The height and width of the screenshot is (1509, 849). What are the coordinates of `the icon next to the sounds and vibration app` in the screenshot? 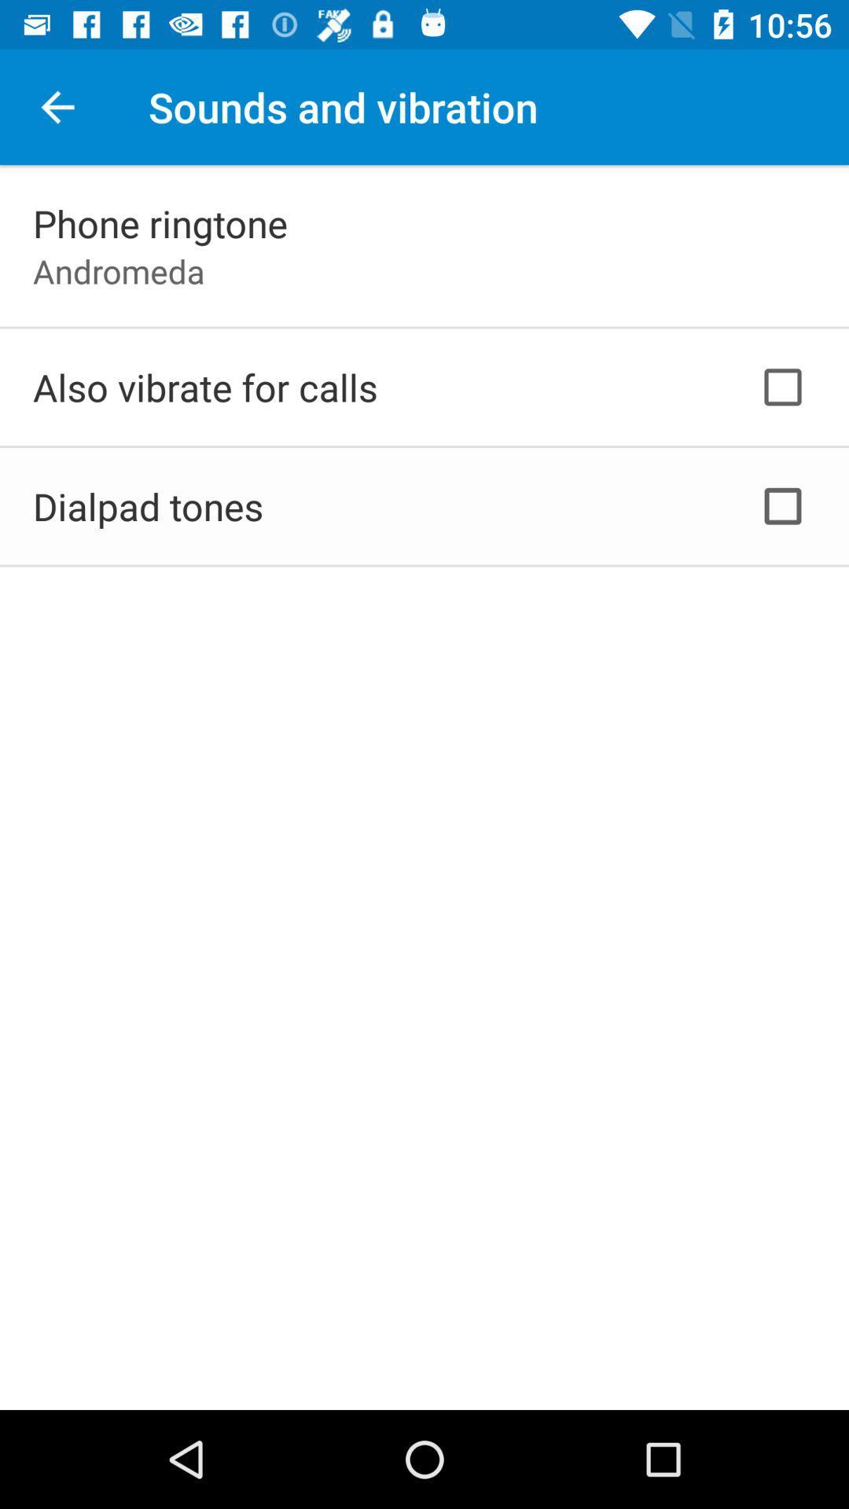 It's located at (57, 106).